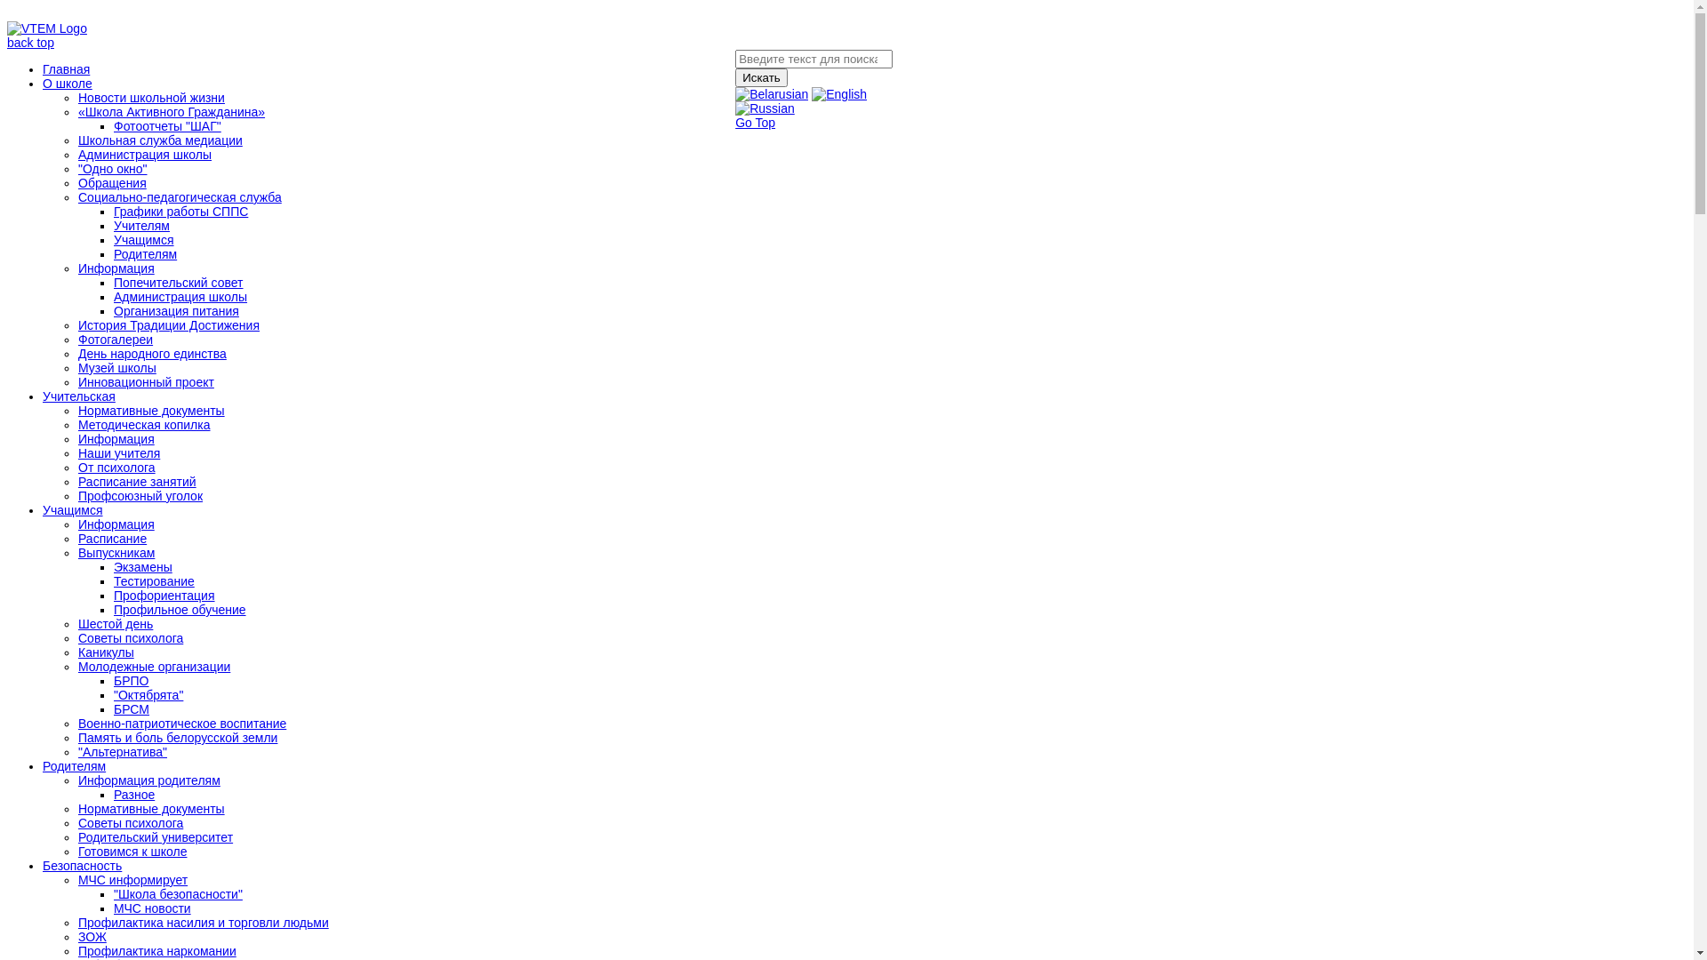 The image size is (1707, 960). I want to click on 'Russian', so click(765, 108).